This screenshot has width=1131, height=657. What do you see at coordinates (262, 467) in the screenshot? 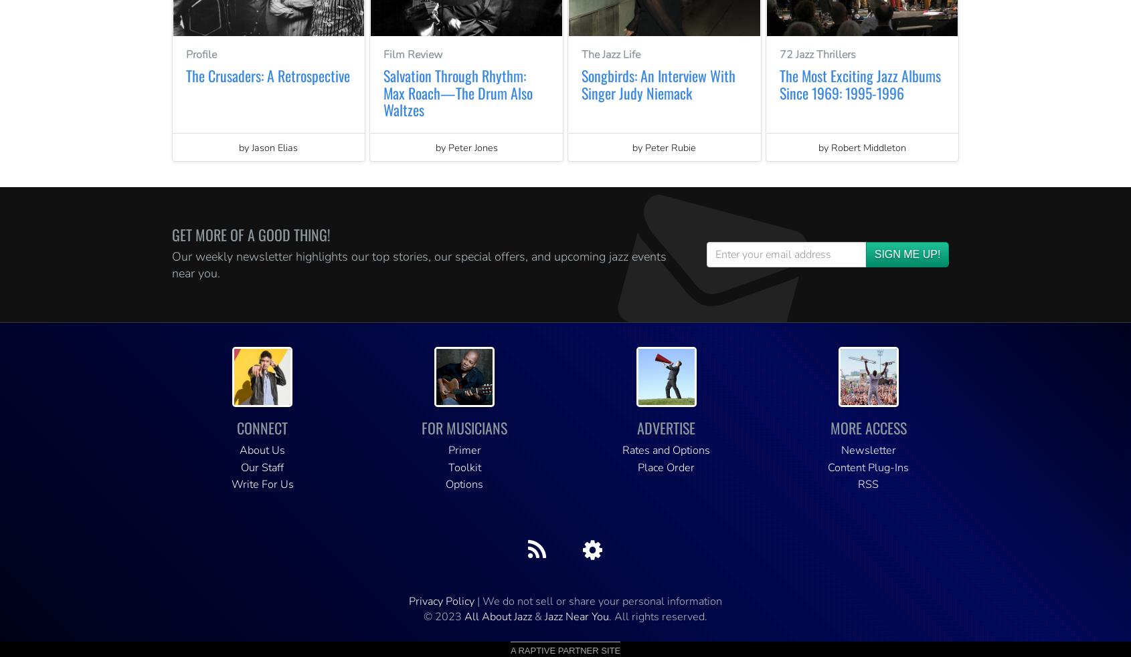
I see `'Our Staff'` at bounding box center [262, 467].